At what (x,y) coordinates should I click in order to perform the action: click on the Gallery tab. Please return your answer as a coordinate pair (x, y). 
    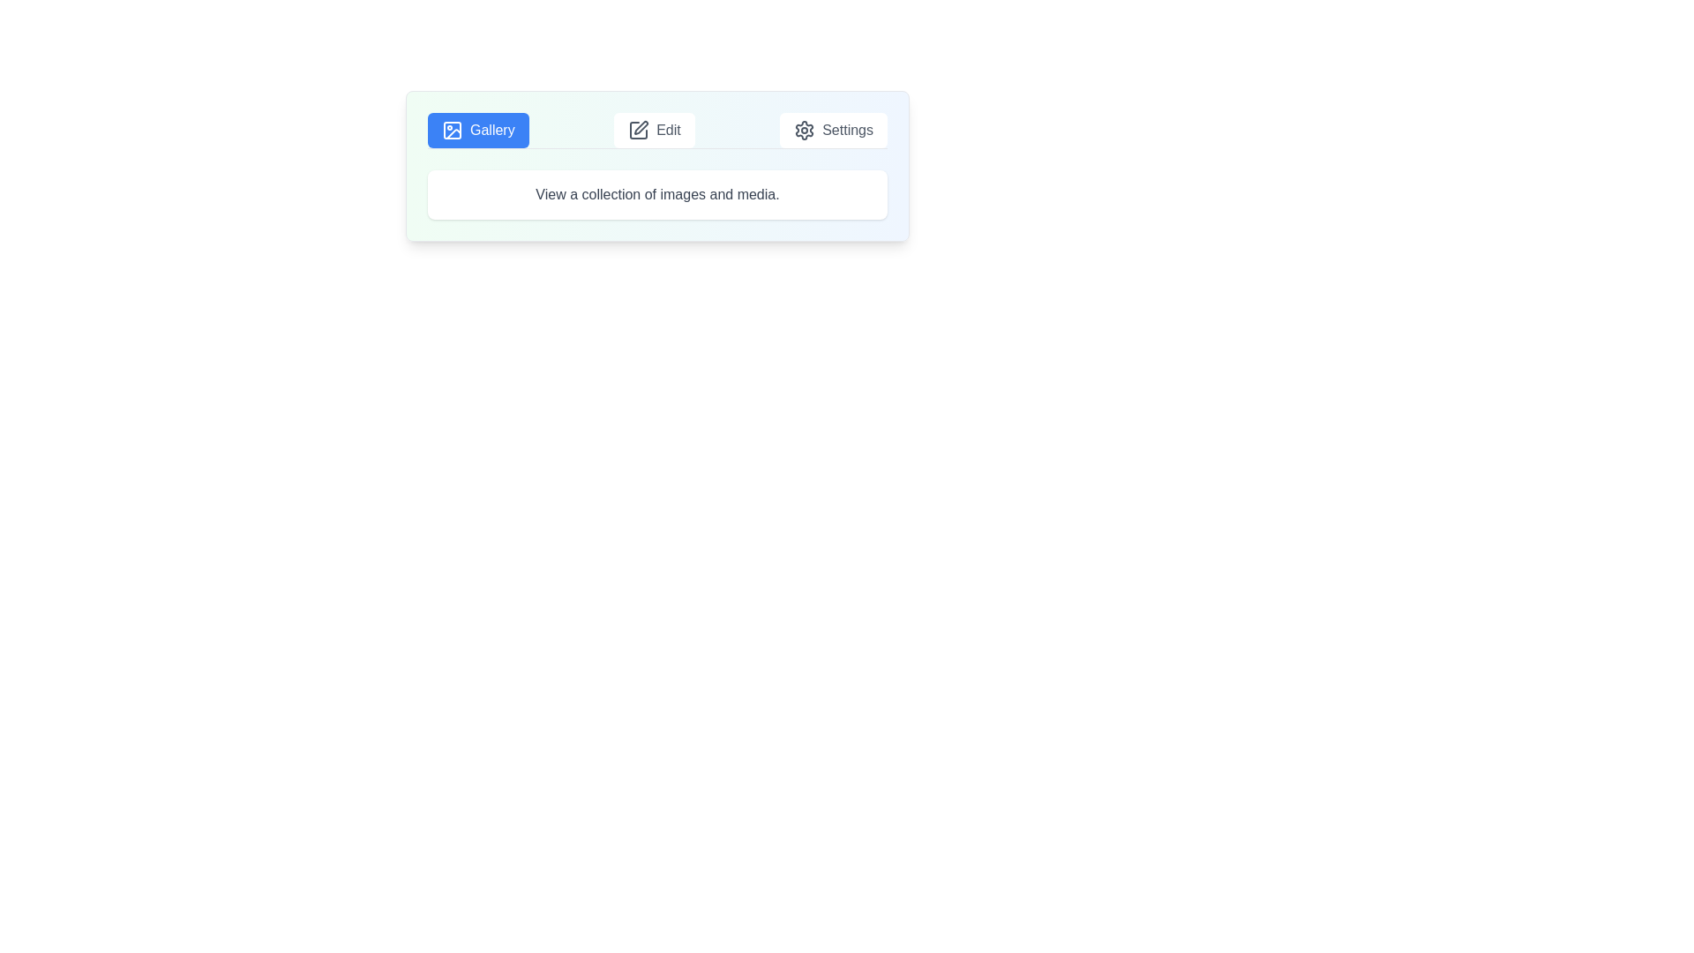
    Looking at the image, I should click on (478, 129).